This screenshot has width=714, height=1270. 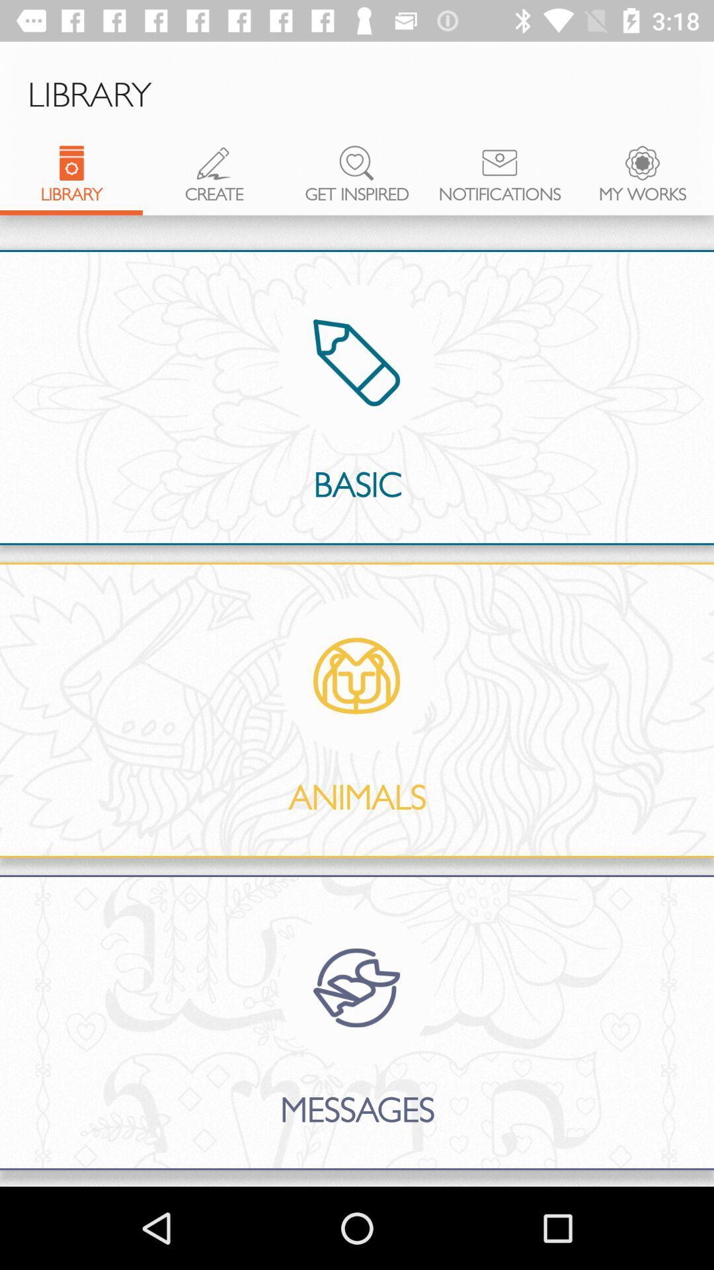 I want to click on the notifications, so click(x=500, y=180).